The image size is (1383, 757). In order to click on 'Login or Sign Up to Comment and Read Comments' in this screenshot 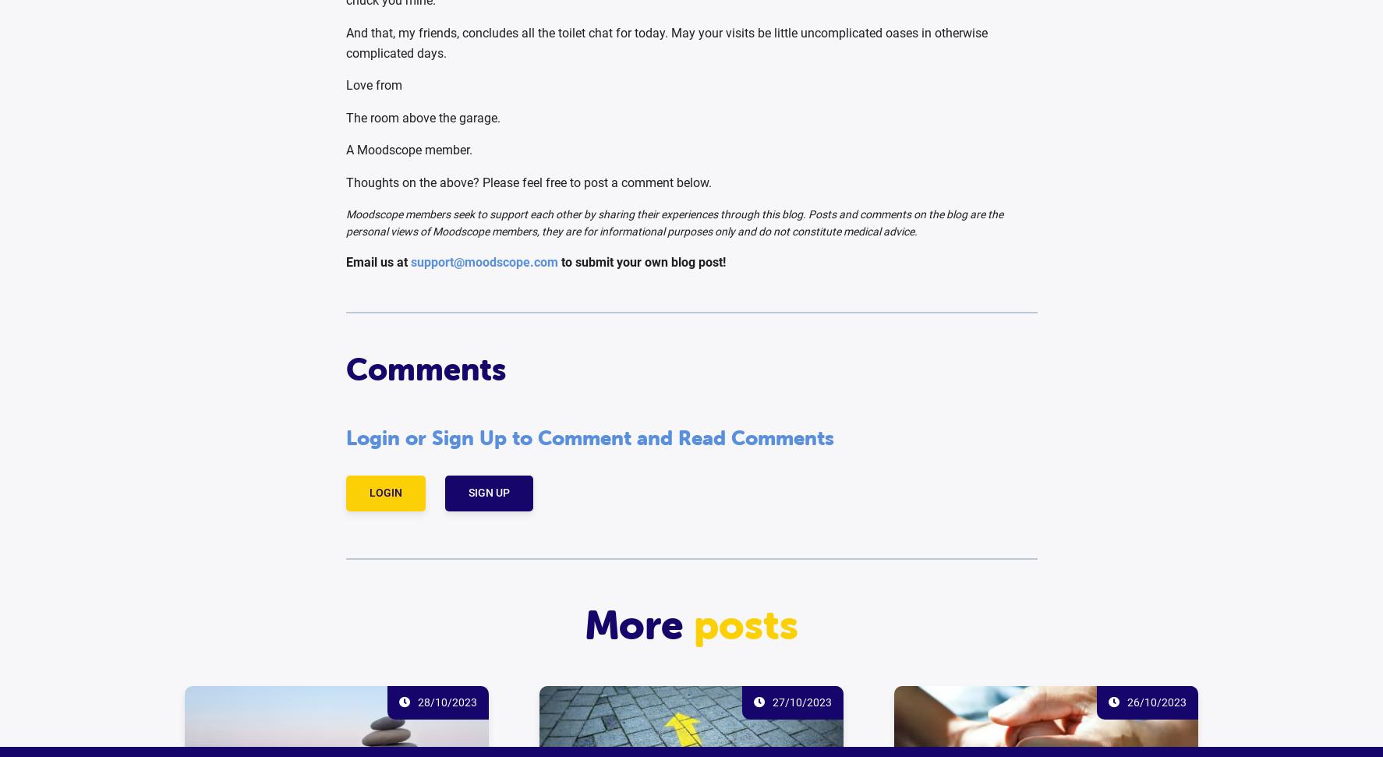, I will do `click(589, 438)`.